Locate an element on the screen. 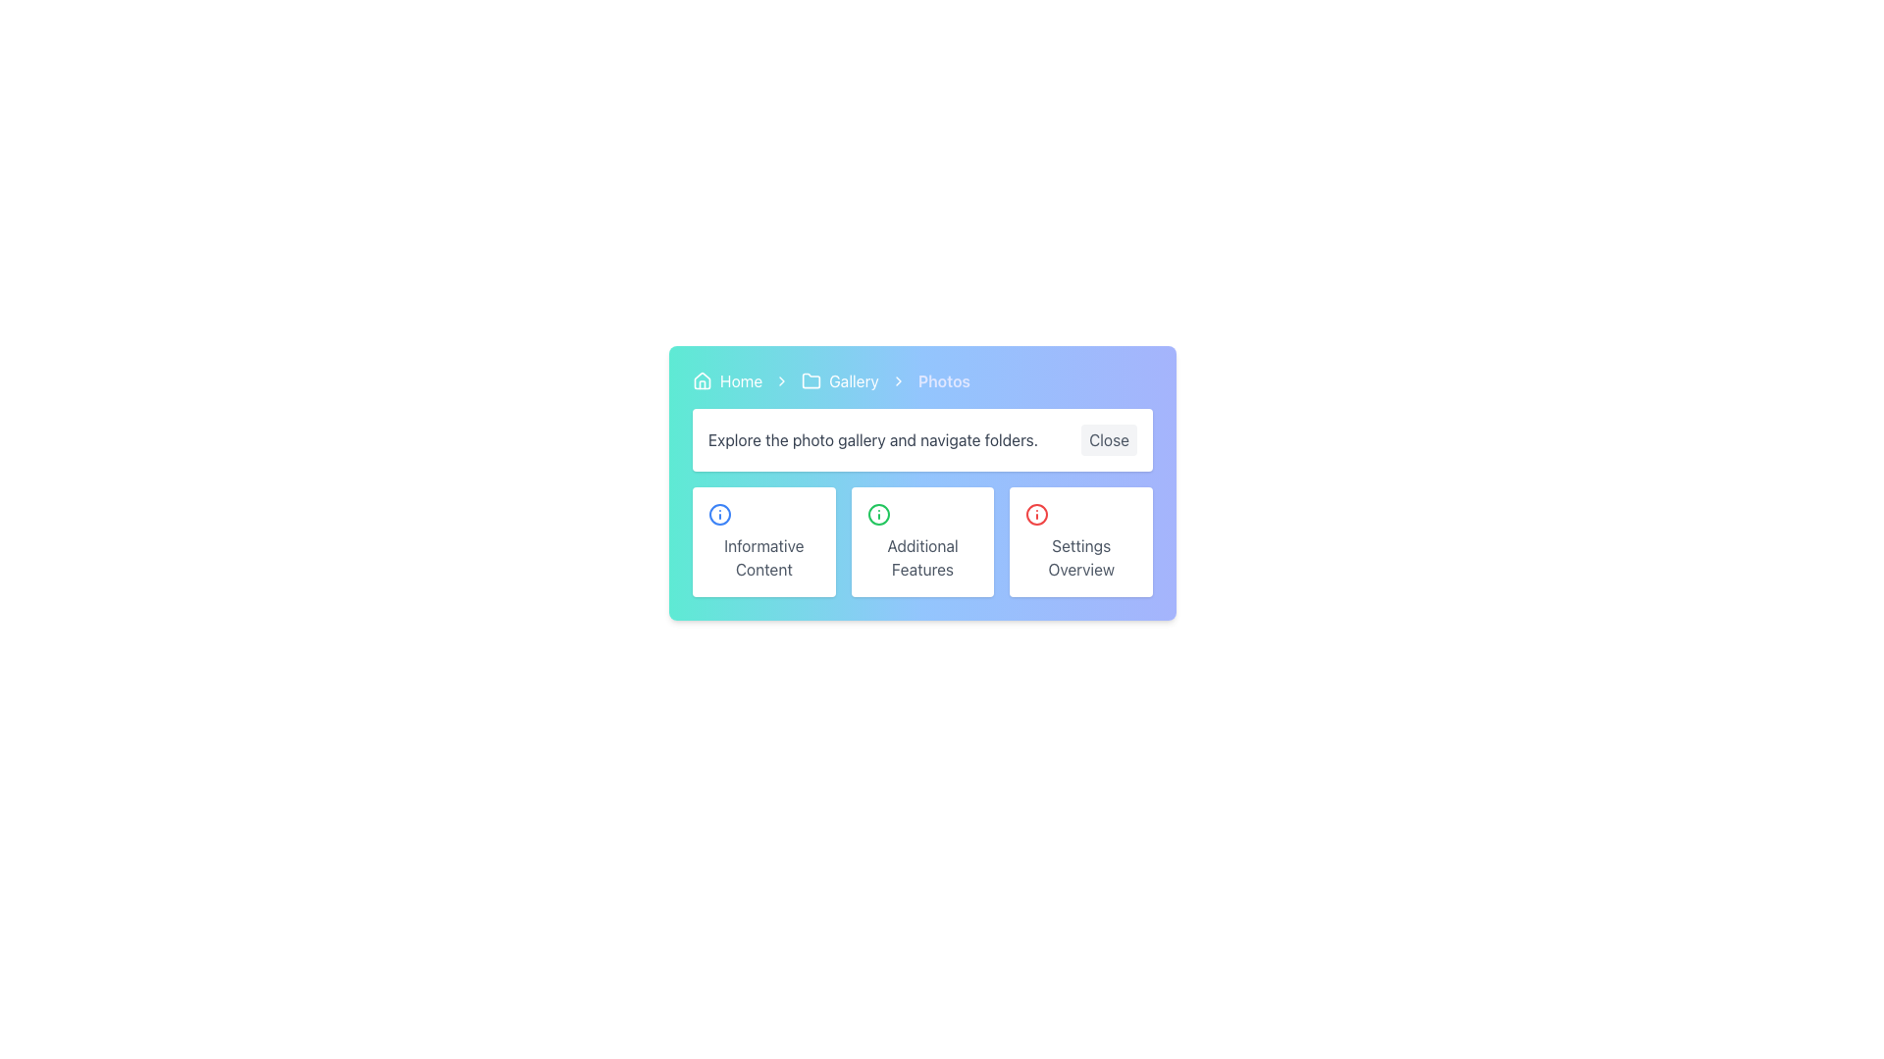  the house-shaped icon is located at coordinates (702, 381).